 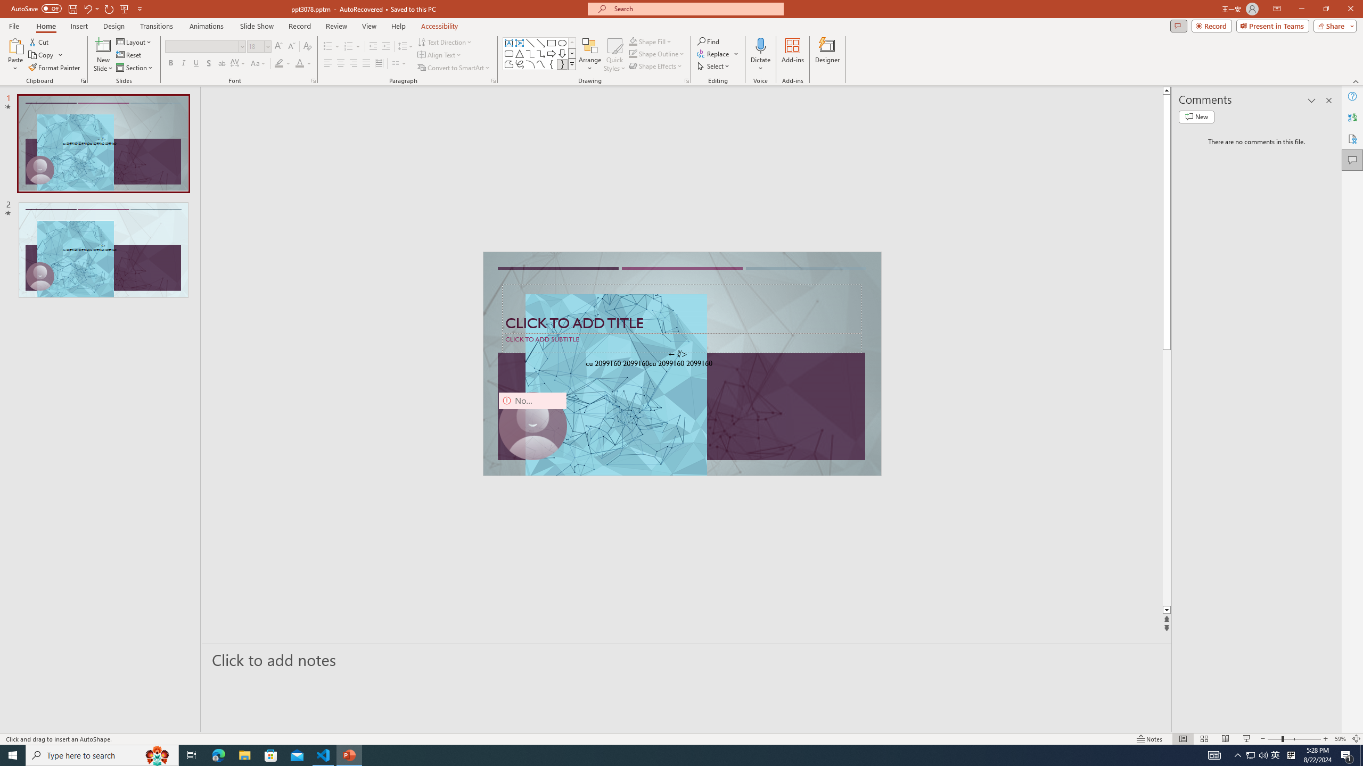 What do you see at coordinates (332, 46) in the screenshot?
I see `'Bullets'` at bounding box center [332, 46].